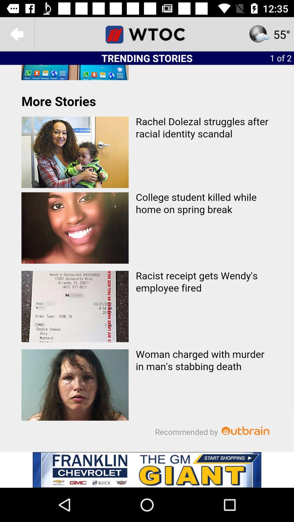 The image size is (294, 522). Describe the element at coordinates (147, 34) in the screenshot. I see `wtoc homepage` at that location.